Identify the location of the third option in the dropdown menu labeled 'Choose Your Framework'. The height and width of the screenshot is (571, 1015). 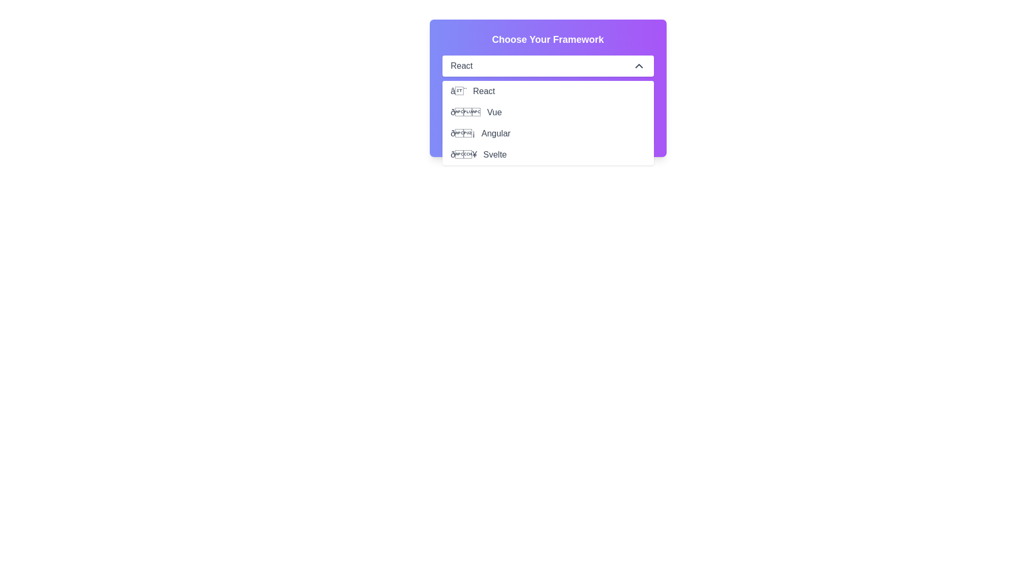
(548, 133).